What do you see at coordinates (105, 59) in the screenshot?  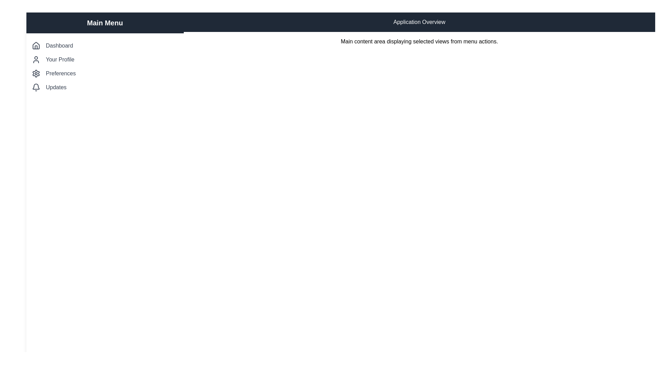 I see `the 'Your Profile' menu item, which is the second item in the vertical menu list under 'Main Menu'` at bounding box center [105, 59].